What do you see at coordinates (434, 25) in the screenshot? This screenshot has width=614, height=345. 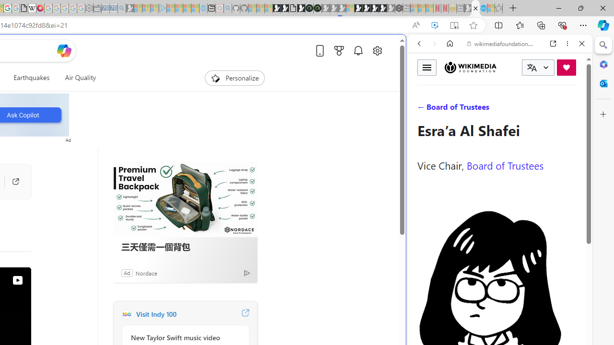 I see `'Enhance video'` at bounding box center [434, 25].